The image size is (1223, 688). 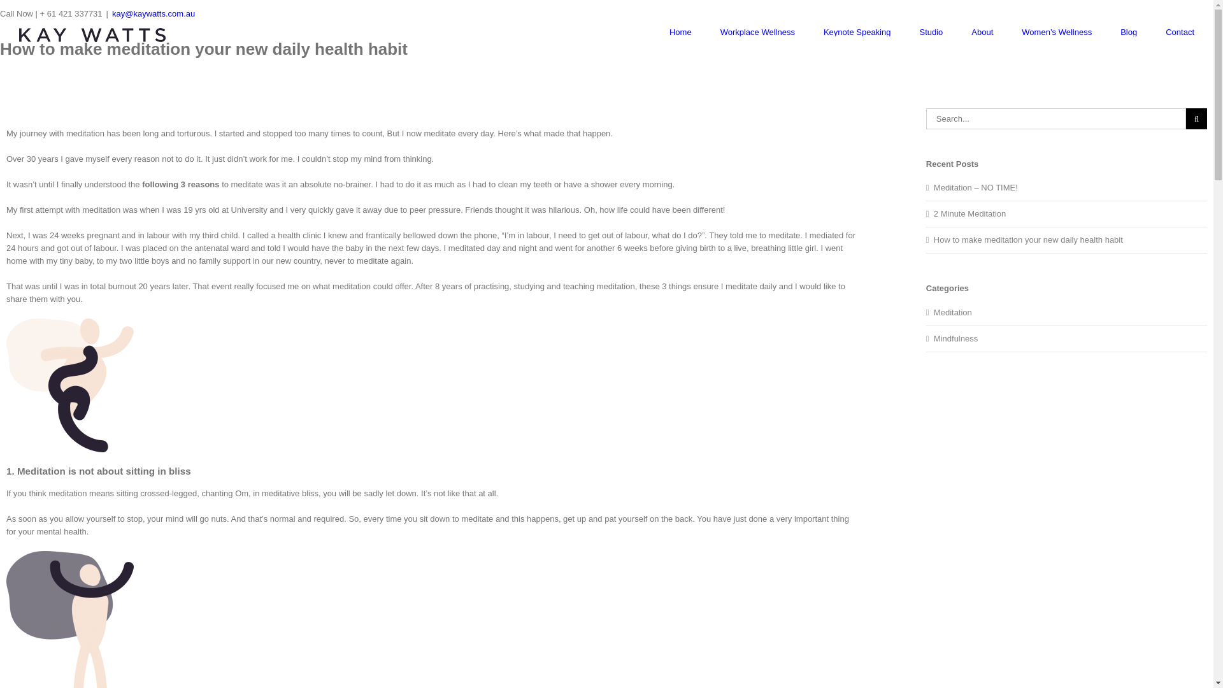 What do you see at coordinates (919, 31) in the screenshot?
I see `'Studio'` at bounding box center [919, 31].